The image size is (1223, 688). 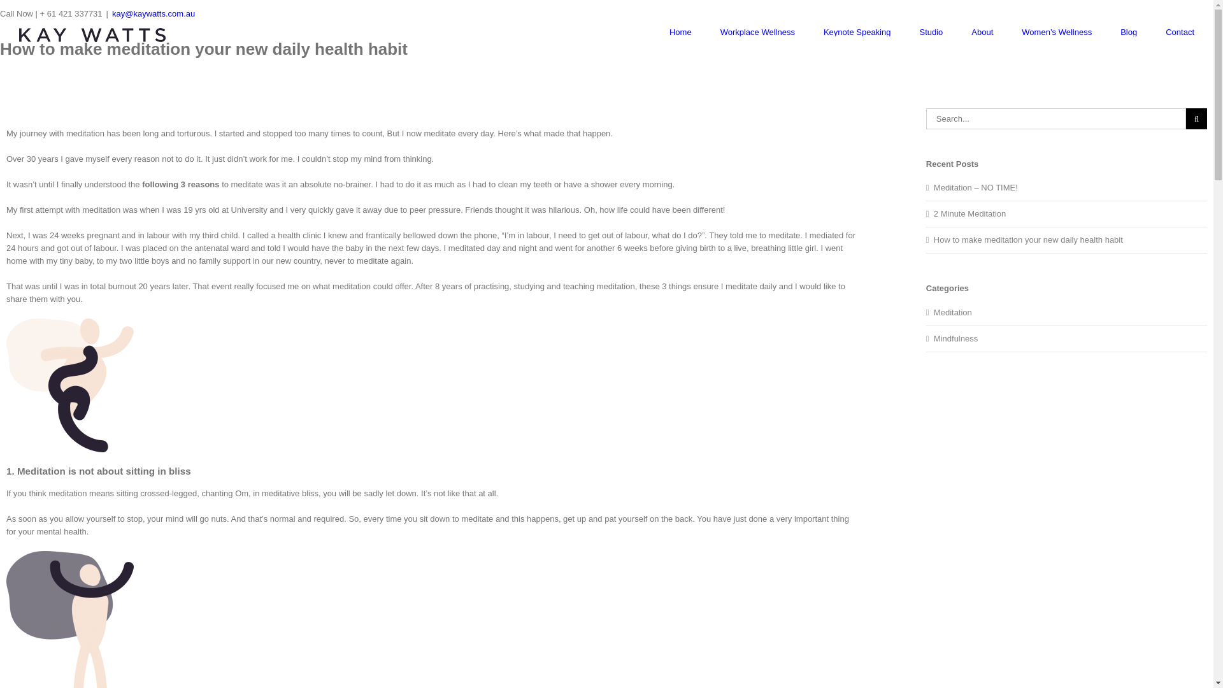 What do you see at coordinates (919, 31) in the screenshot?
I see `'Studio'` at bounding box center [919, 31].